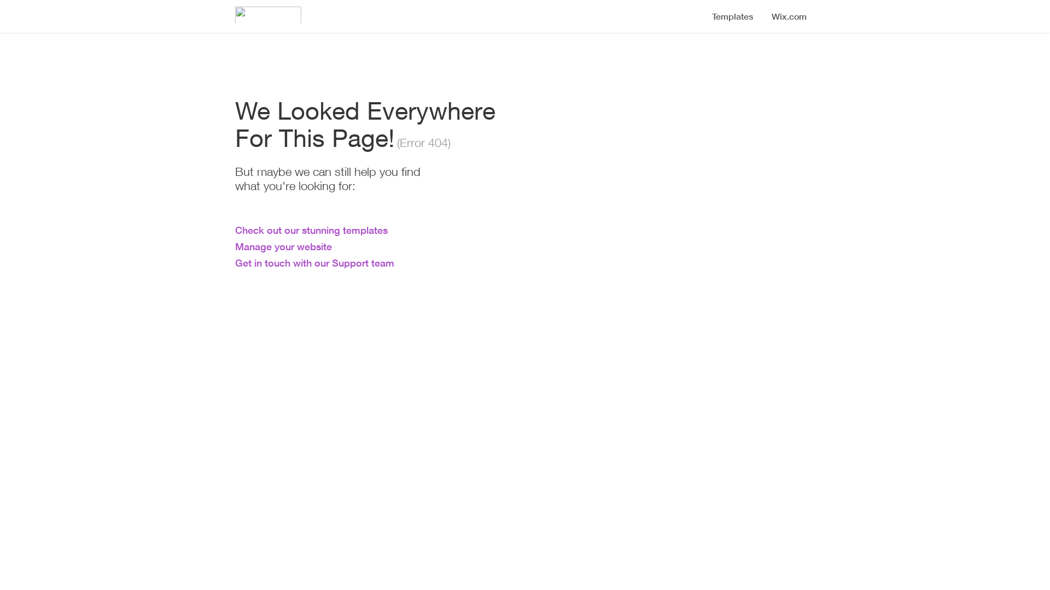 The width and height of the screenshot is (1050, 590). Describe the element at coordinates (235, 229) in the screenshot. I see `'Check out our stunning templates'` at that location.